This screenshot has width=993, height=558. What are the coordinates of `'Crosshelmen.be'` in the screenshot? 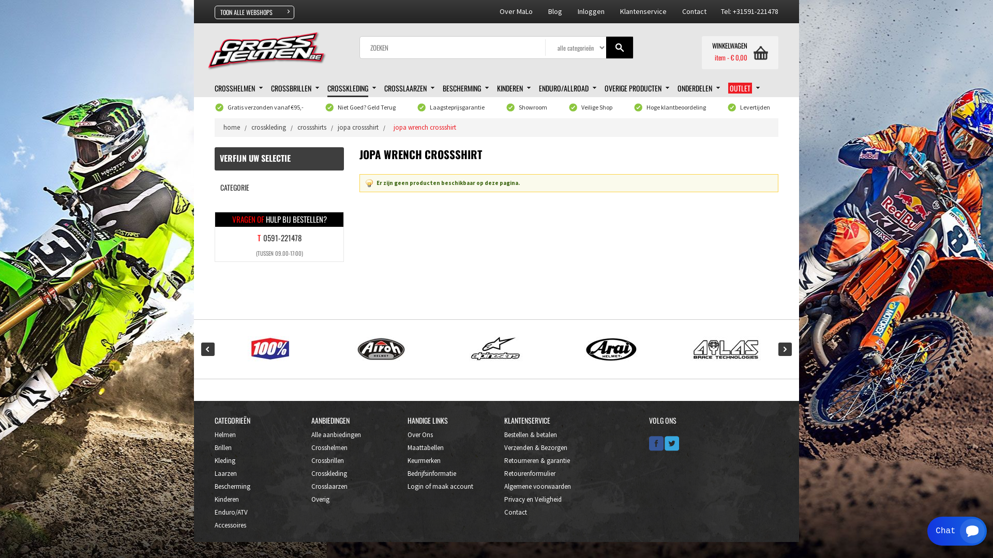 It's located at (275, 55).